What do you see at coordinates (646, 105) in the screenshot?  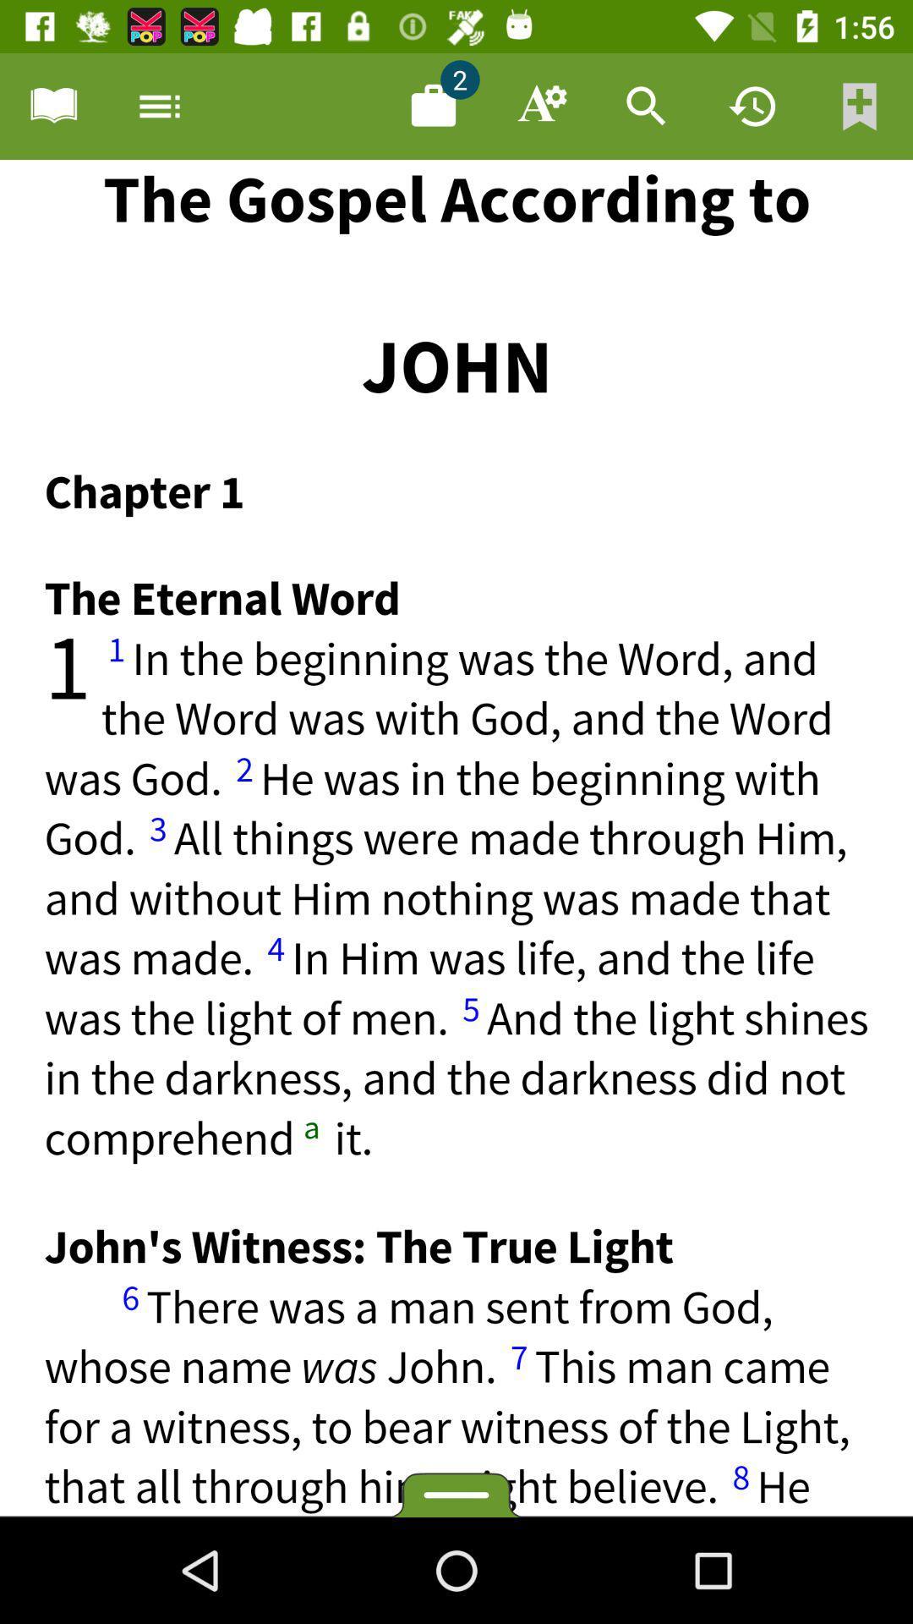 I see `search button` at bounding box center [646, 105].